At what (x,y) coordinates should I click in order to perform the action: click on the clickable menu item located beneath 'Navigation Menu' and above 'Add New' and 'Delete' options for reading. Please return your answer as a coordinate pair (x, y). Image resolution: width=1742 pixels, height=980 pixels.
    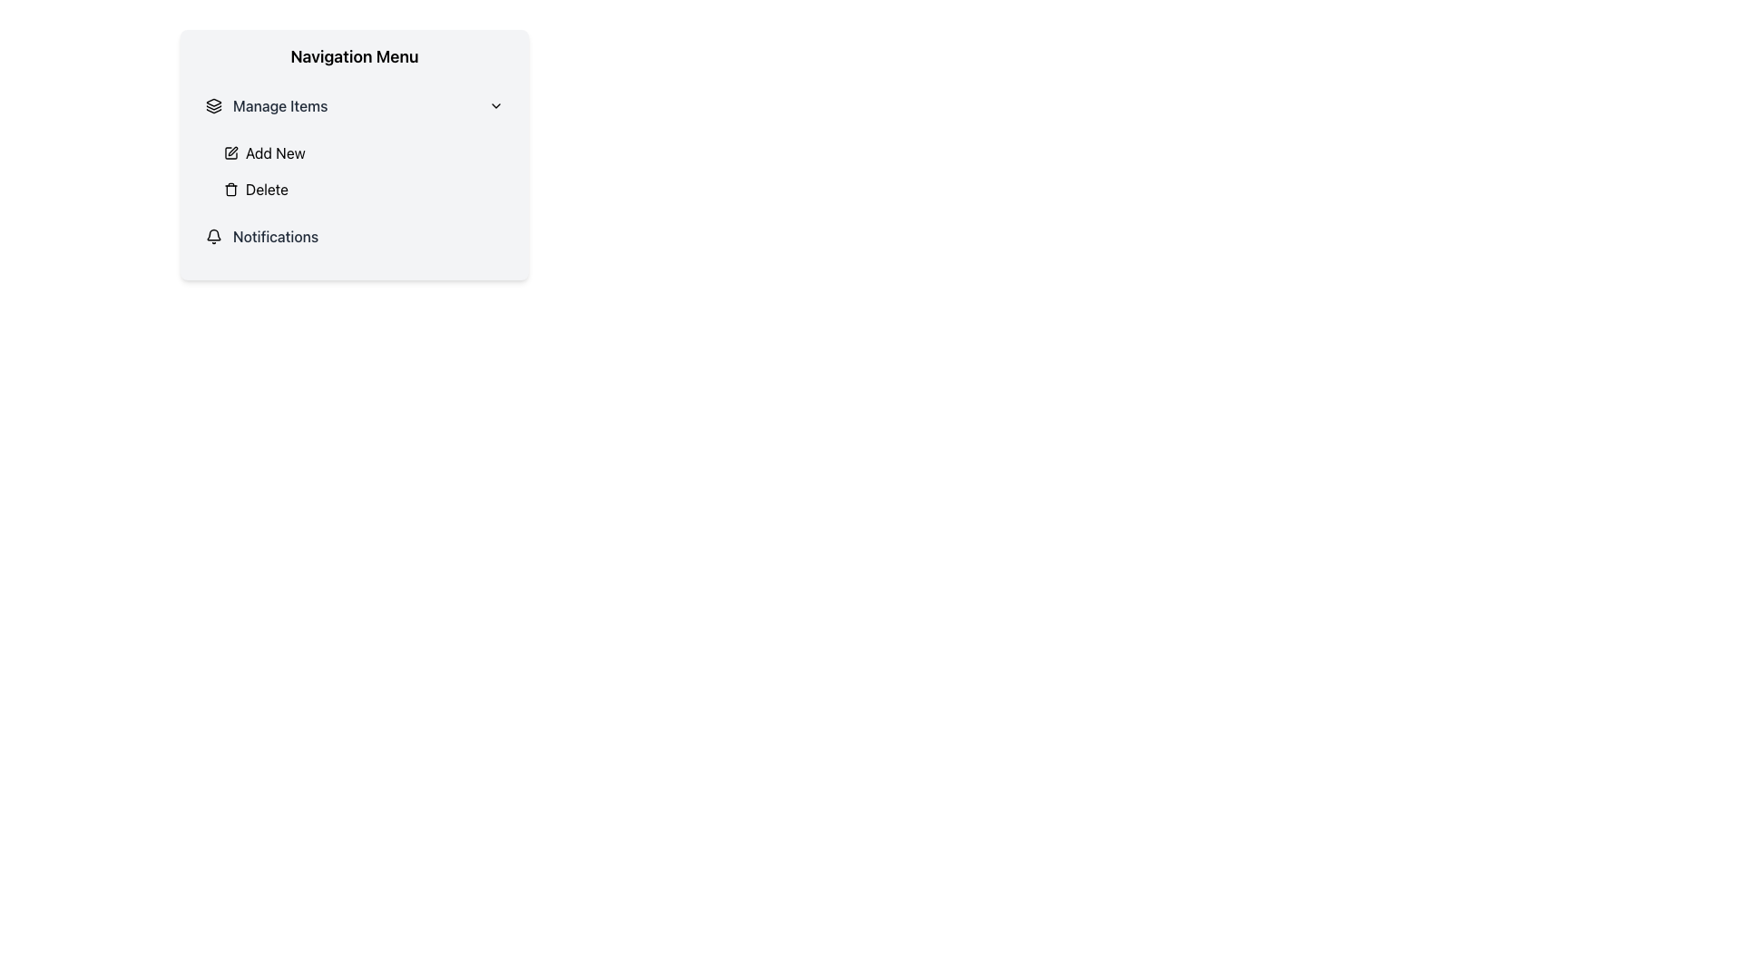
    Looking at the image, I should click on (266, 105).